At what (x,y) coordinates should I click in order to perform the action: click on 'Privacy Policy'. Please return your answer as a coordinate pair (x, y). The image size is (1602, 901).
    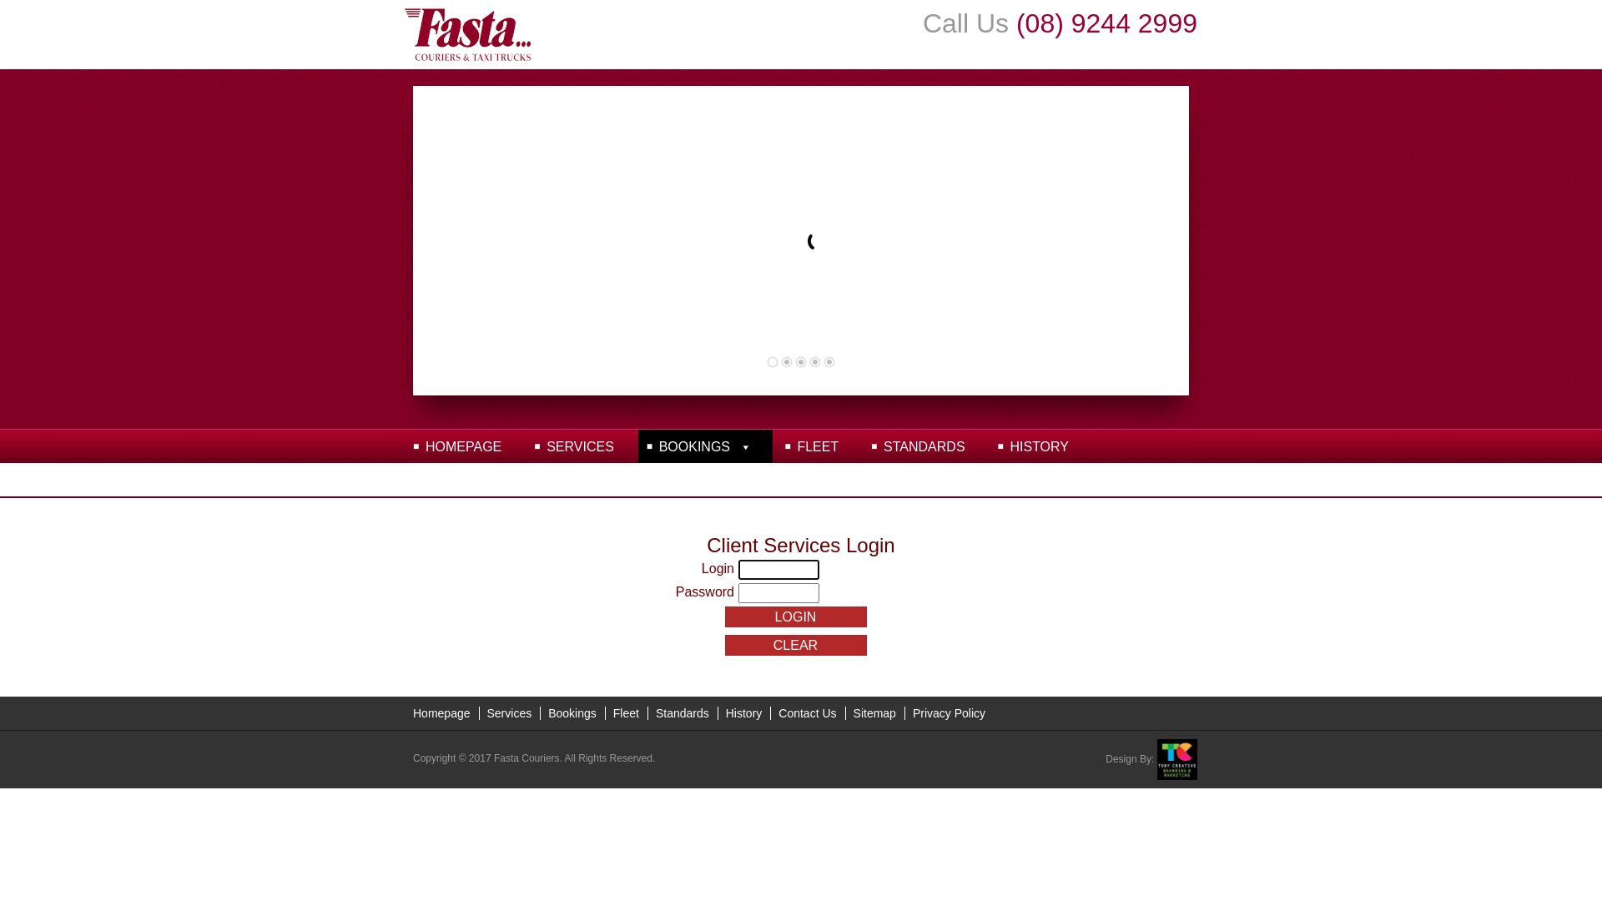
    Looking at the image, I should click on (904, 713).